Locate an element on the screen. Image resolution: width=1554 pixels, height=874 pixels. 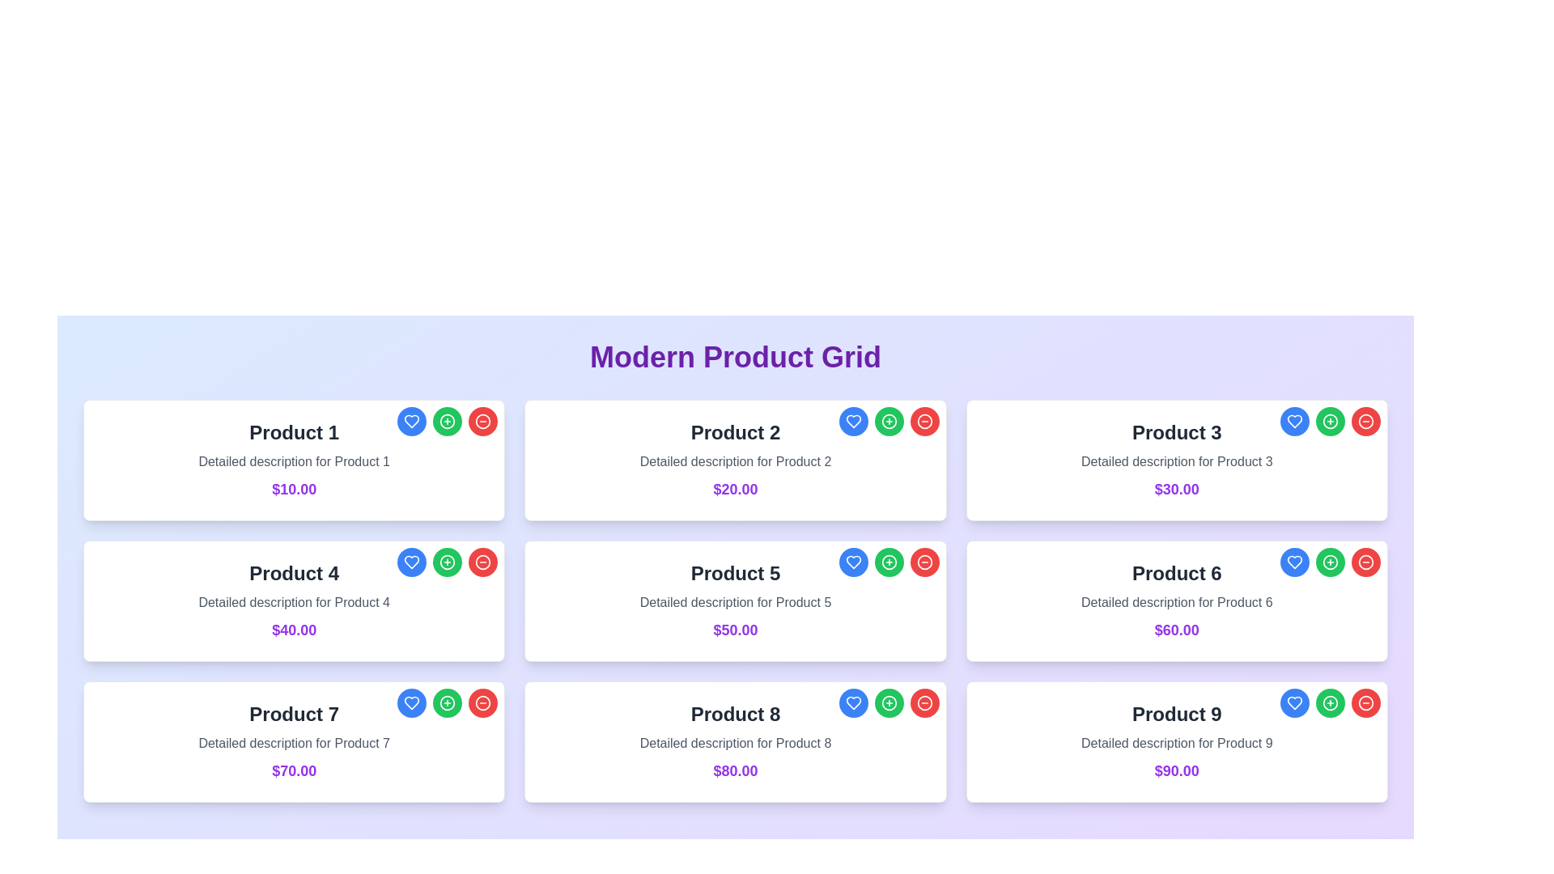
the text label displaying the price '$80.00' in purple, bold font, located within the card for 'Product 8', below the description text is located at coordinates (734, 770).